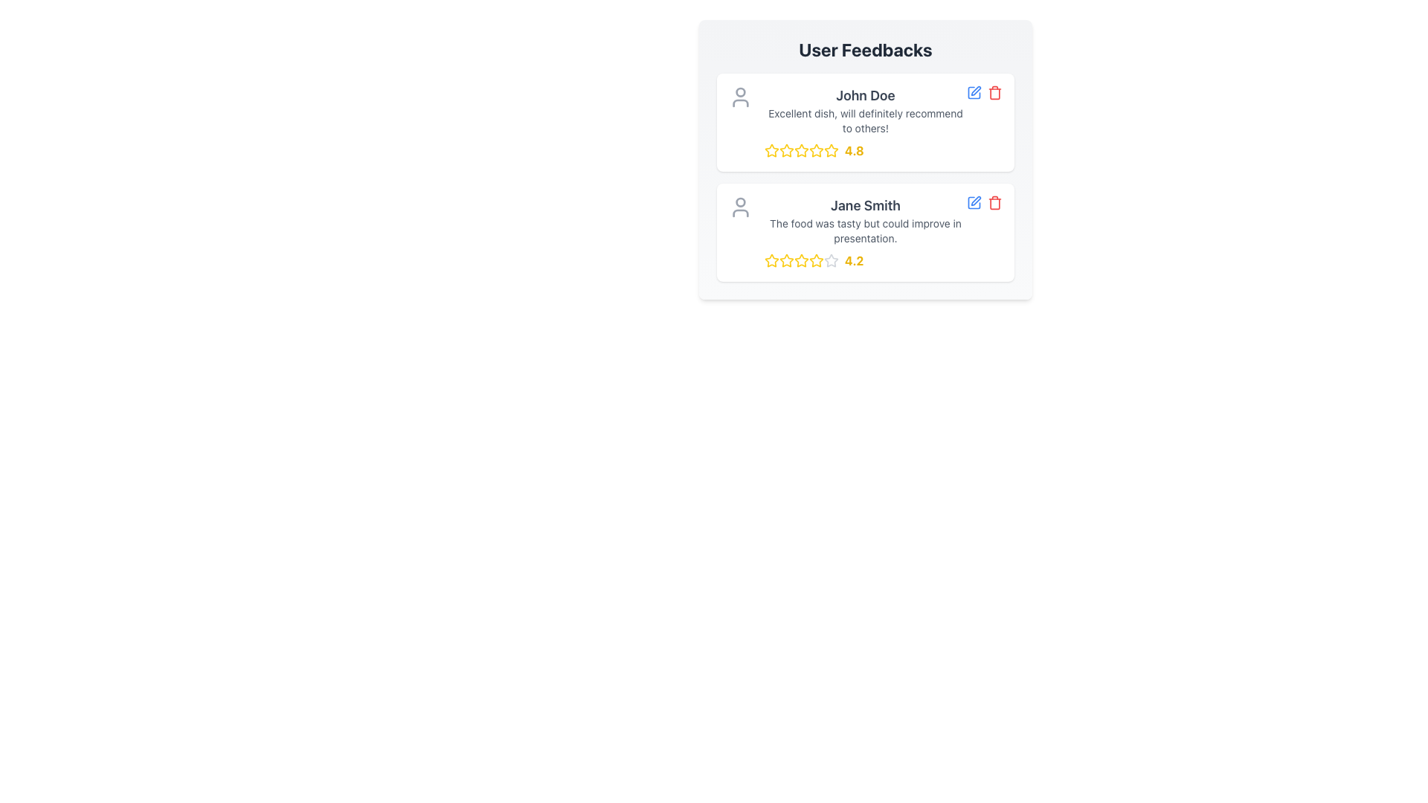 Image resolution: width=1428 pixels, height=803 pixels. Describe the element at coordinates (865, 232) in the screenshot. I see `the rating stars in the user feedback section, located within a white rounded card below the feedback from John Doe` at that location.